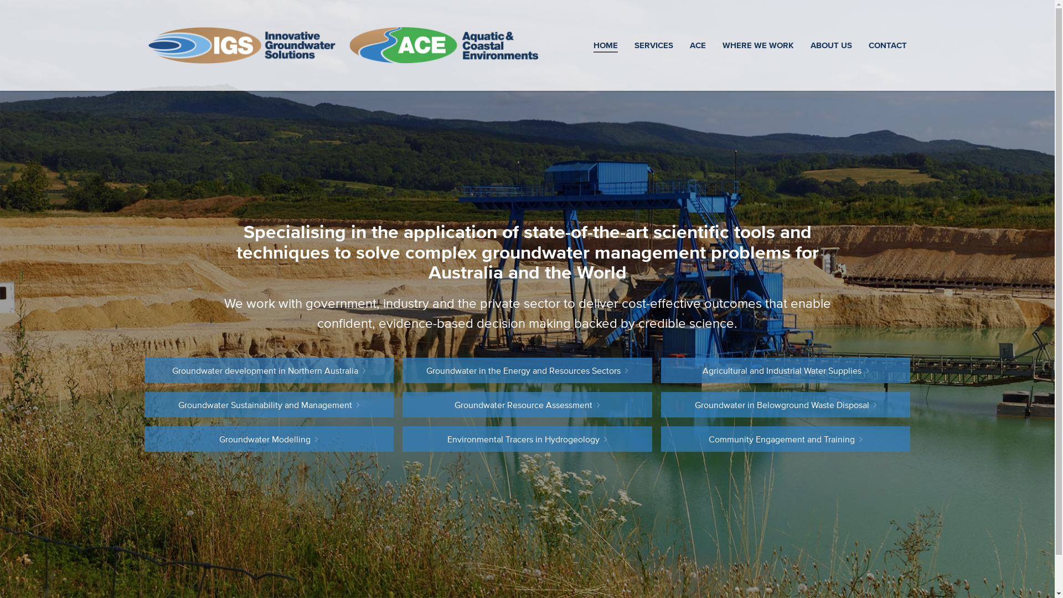  Describe the element at coordinates (442, 45) in the screenshot. I see `'Aquatic and Coastal Environments'` at that location.